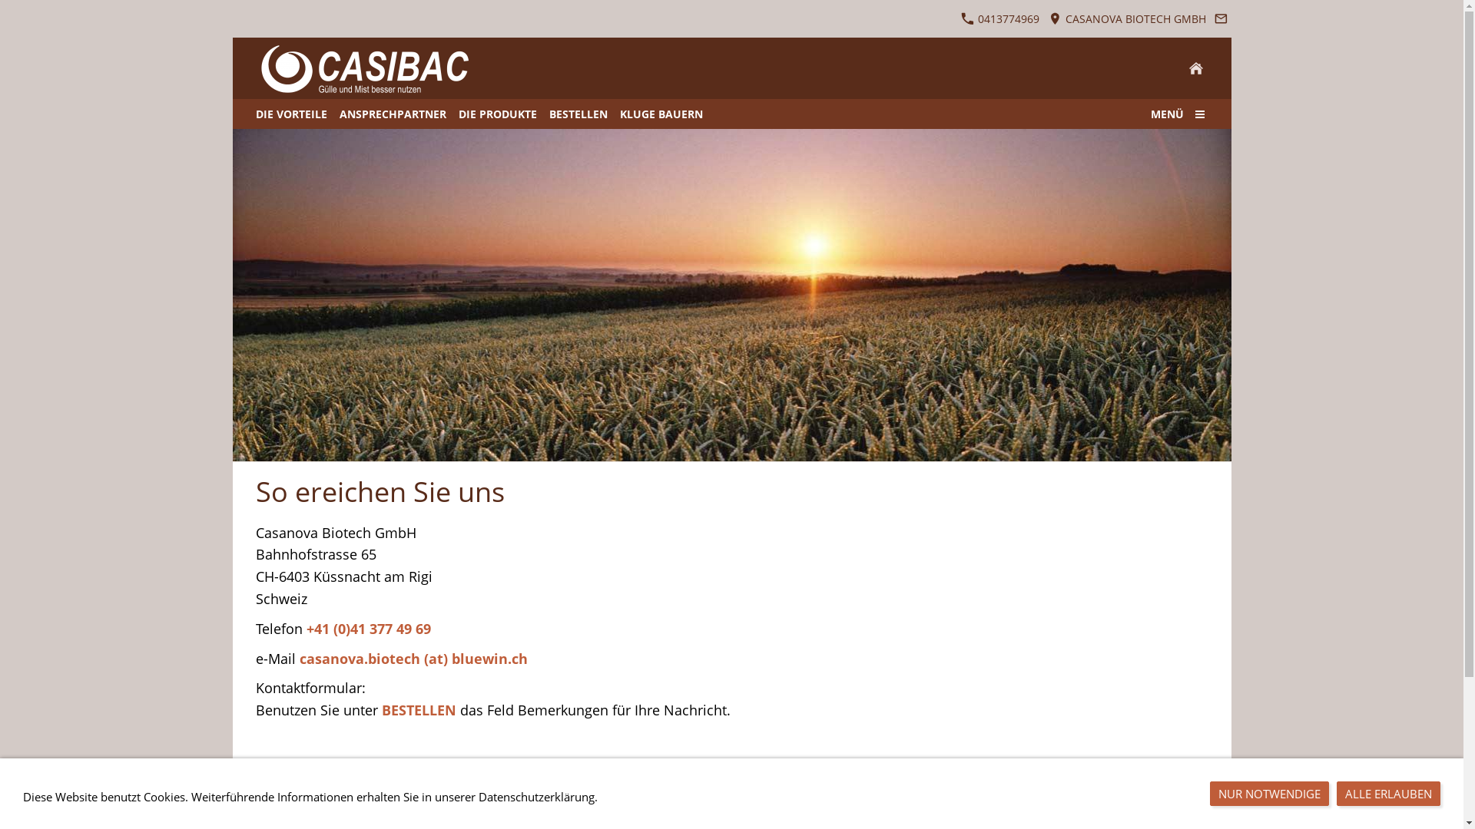 The width and height of the screenshot is (1475, 829). What do you see at coordinates (1220, 18) in the screenshot?
I see `'Senden Sie uns eine E-Mail-Nachricht'` at bounding box center [1220, 18].